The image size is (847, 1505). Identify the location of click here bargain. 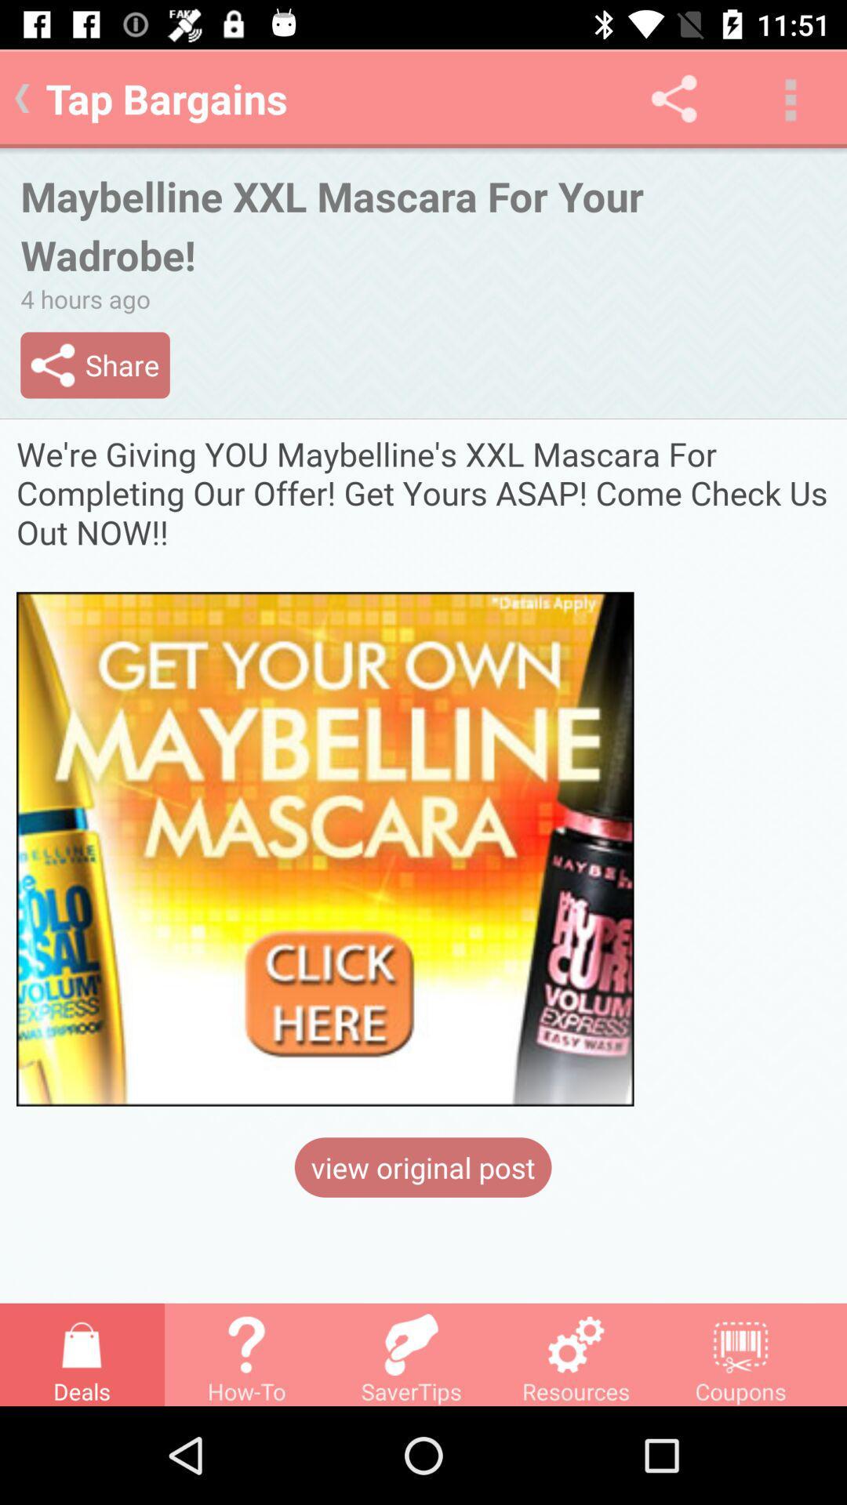
(423, 771).